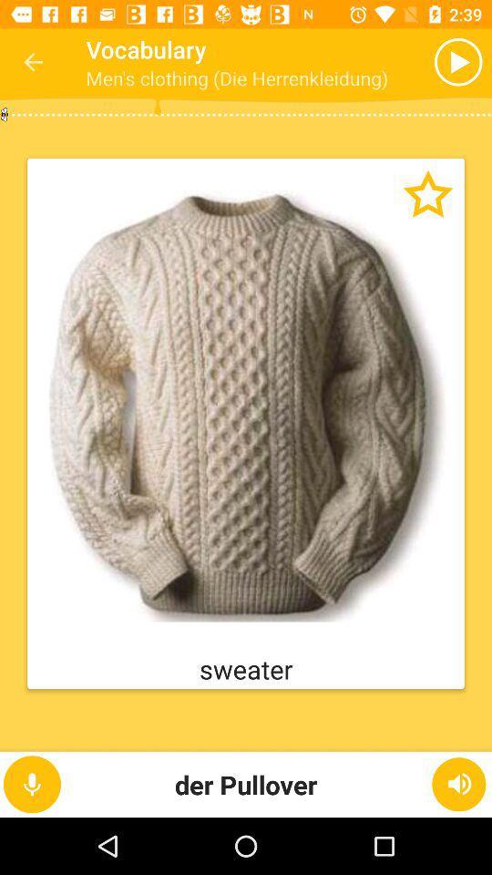  What do you see at coordinates (458, 783) in the screenshot?
I see `the volume icon` at bounding box center [458, 783].